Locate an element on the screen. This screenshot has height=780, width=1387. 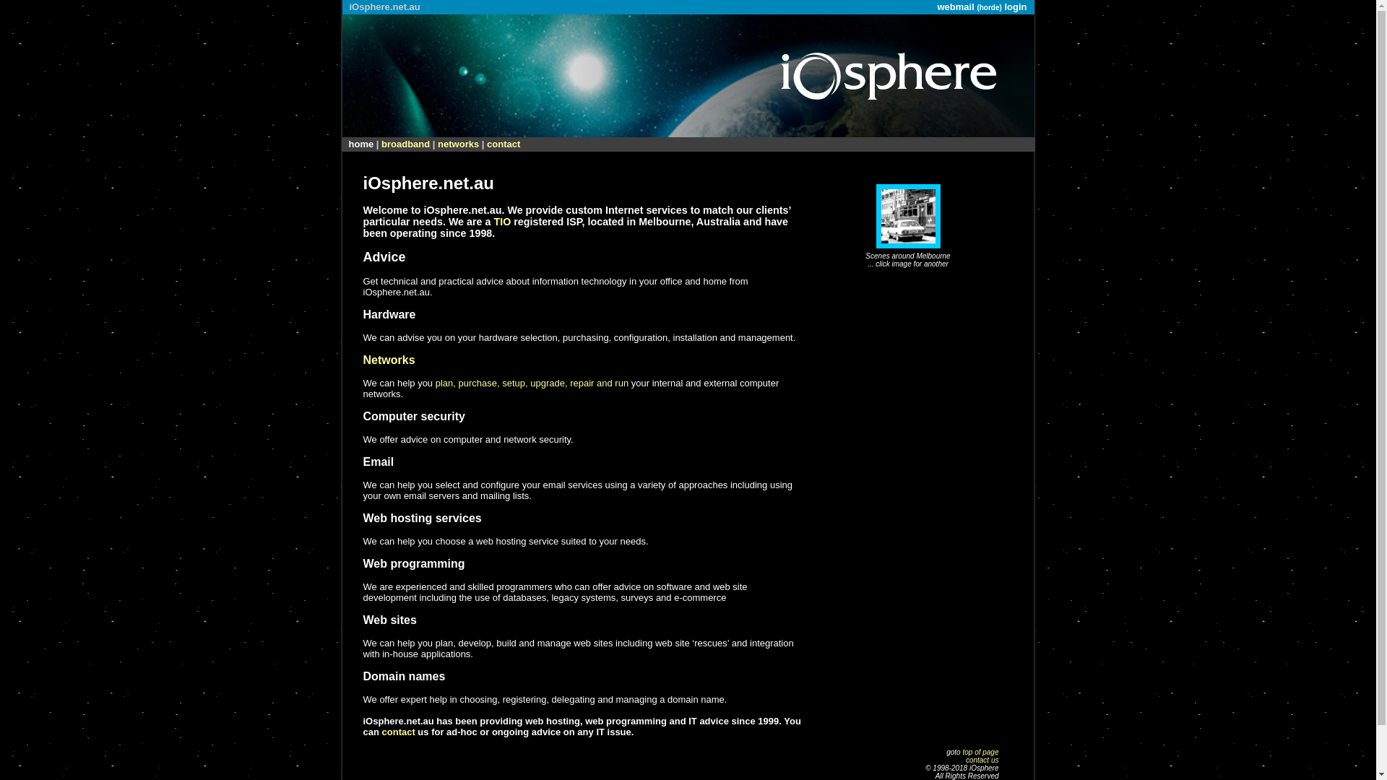
'home' is located at coordinates (360, 144).